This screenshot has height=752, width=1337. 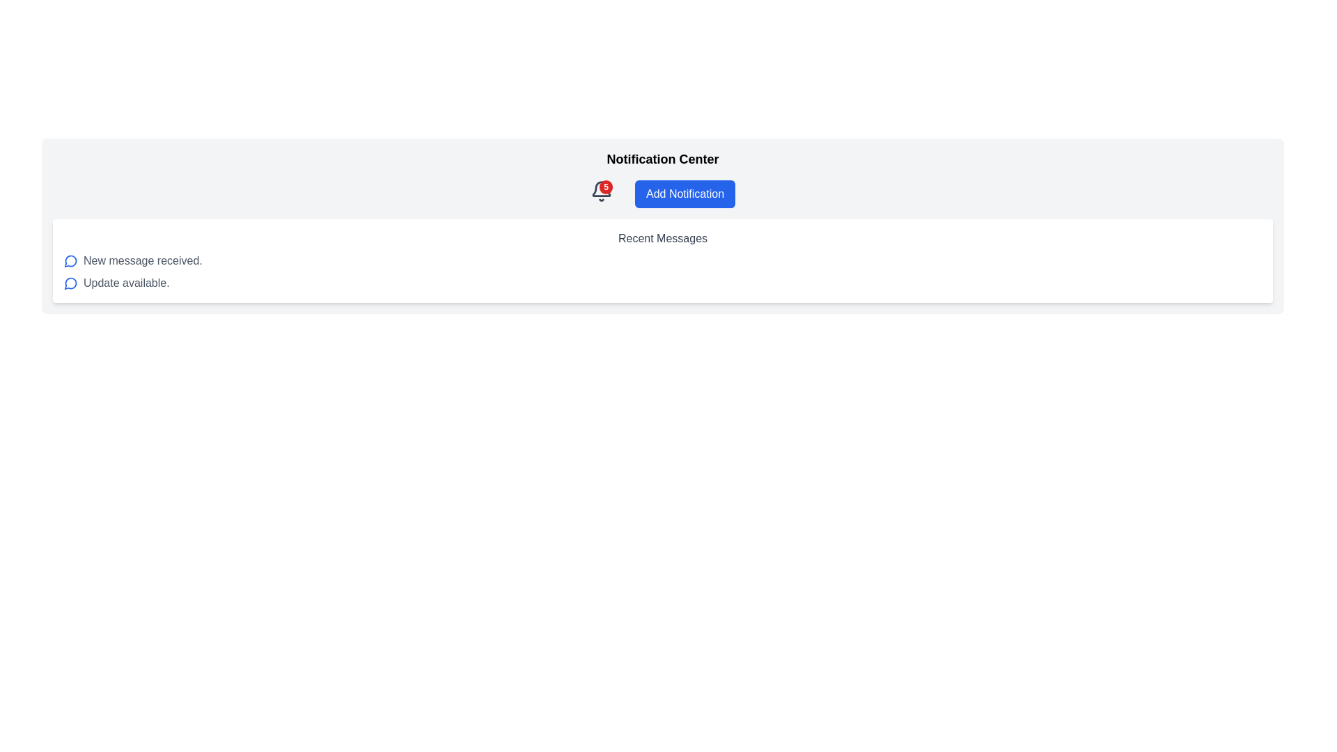 I want to click on the 'Add Notification' button, which is located to the far right next to an icon and a badge showing a count of '5', so click(x=685, y=194).